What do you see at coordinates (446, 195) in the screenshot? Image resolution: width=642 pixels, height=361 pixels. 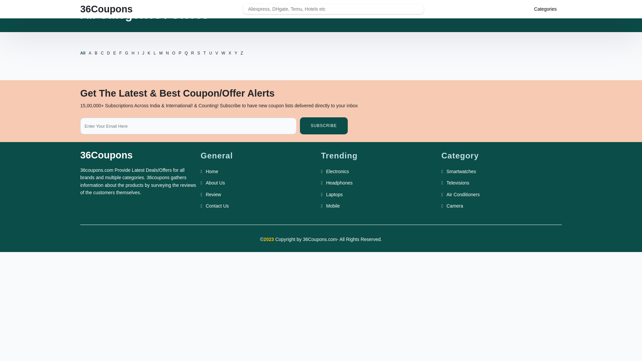 I see `'Air Conditioners'` at bounding box center [446, 195].